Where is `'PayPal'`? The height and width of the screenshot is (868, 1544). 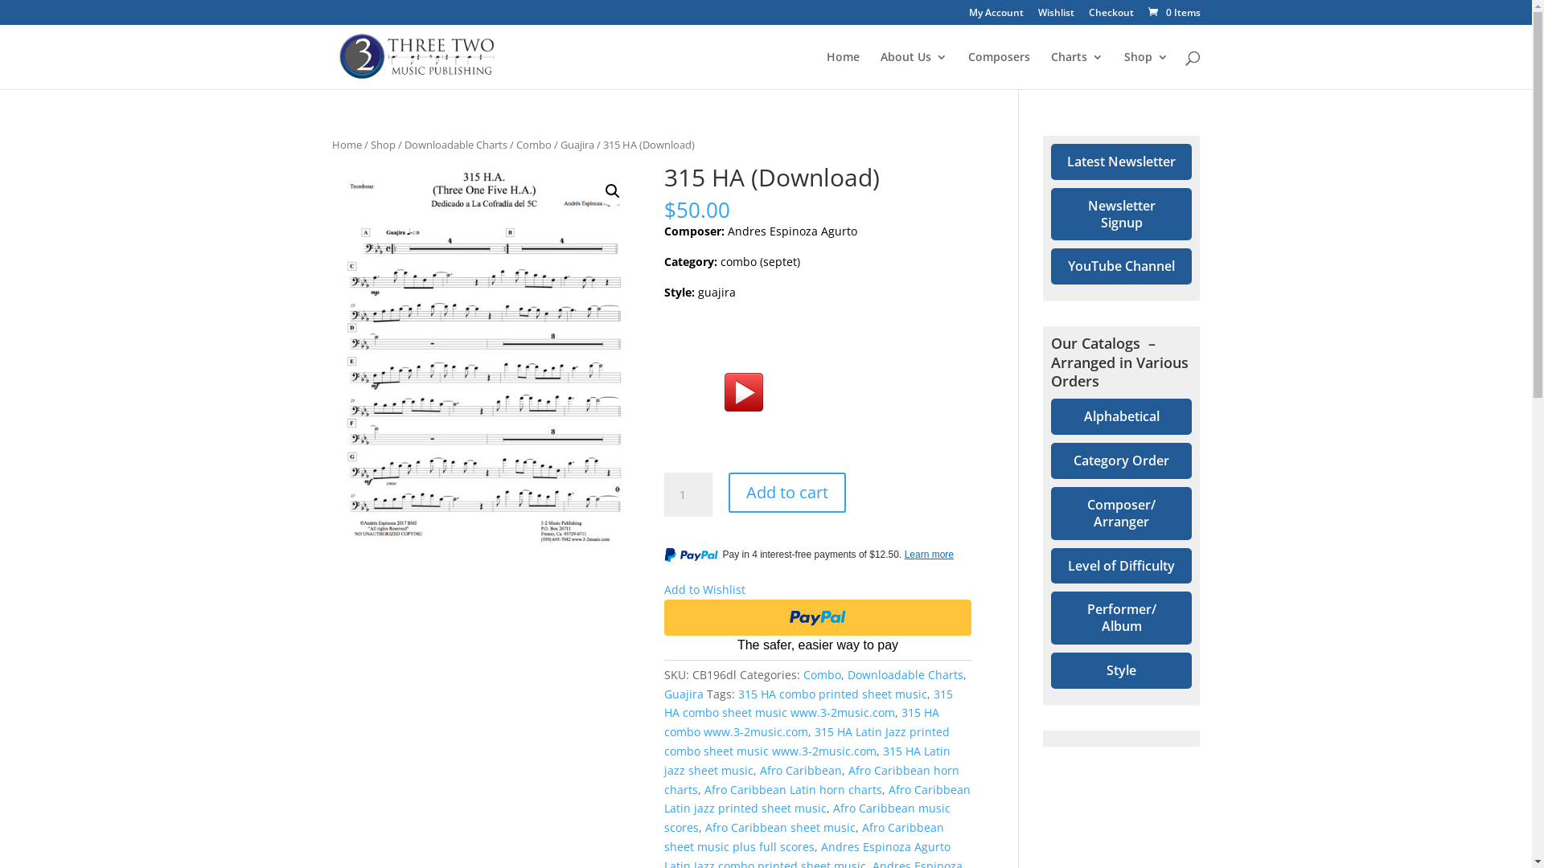 'PayPal' is located at coordinates (818, 625).